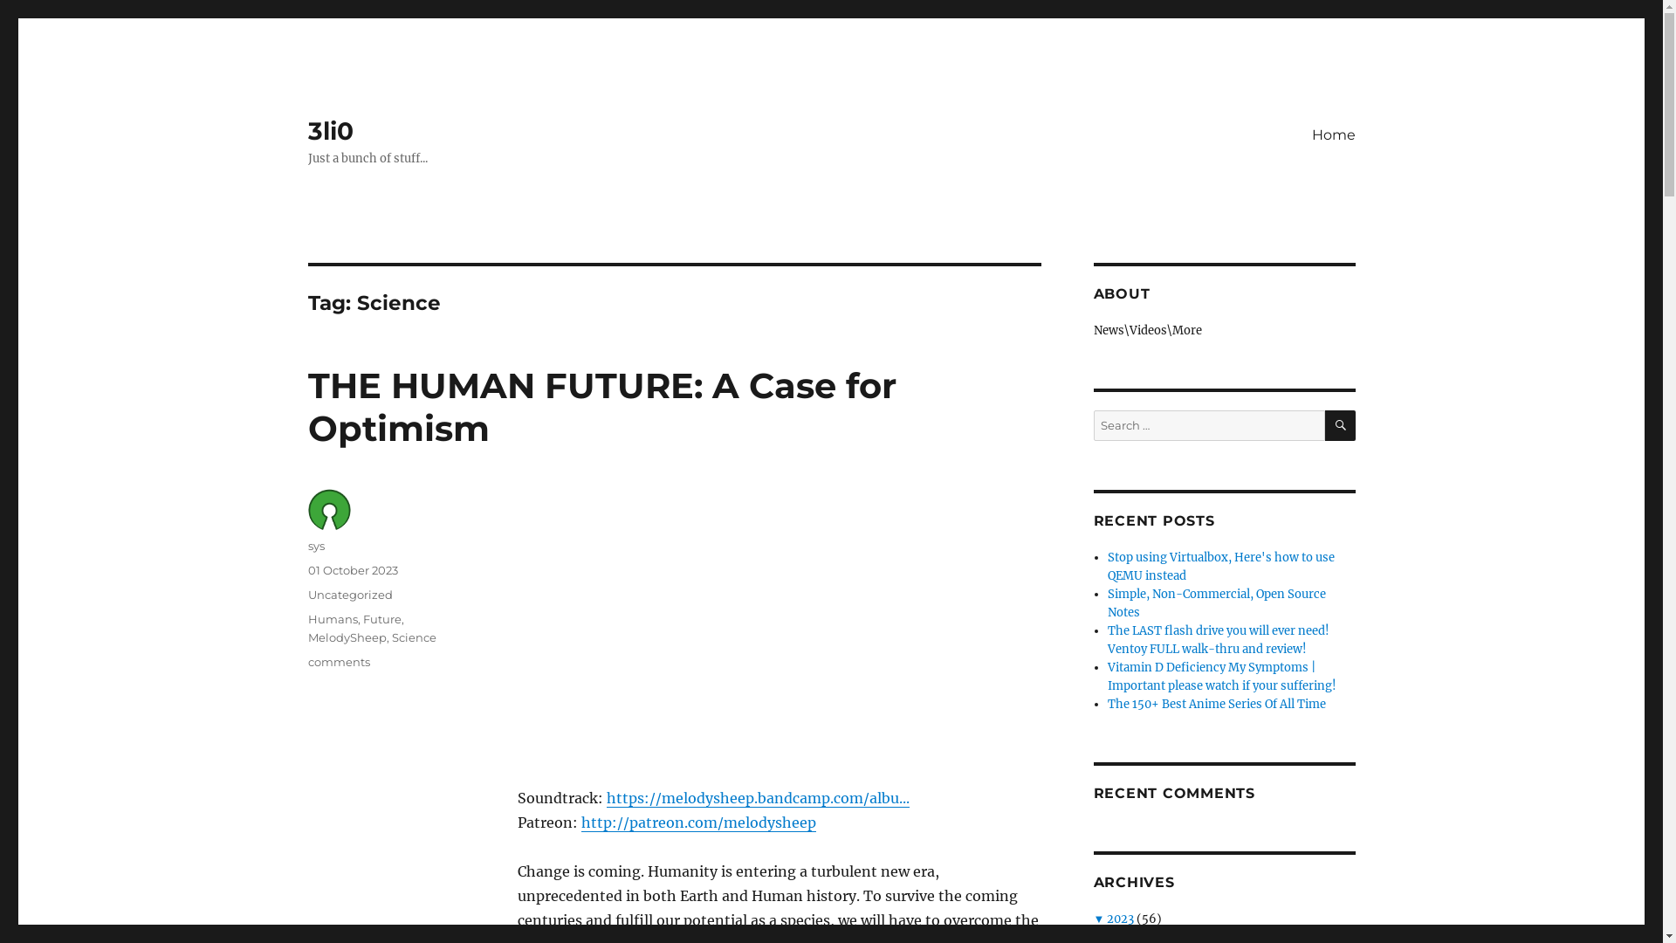 This screenshot has height=943, width=1676. What do you see at coordinates (349, 594) in the screenshot?
I see `'Uncategorized'` at bounding box center [349, 594].